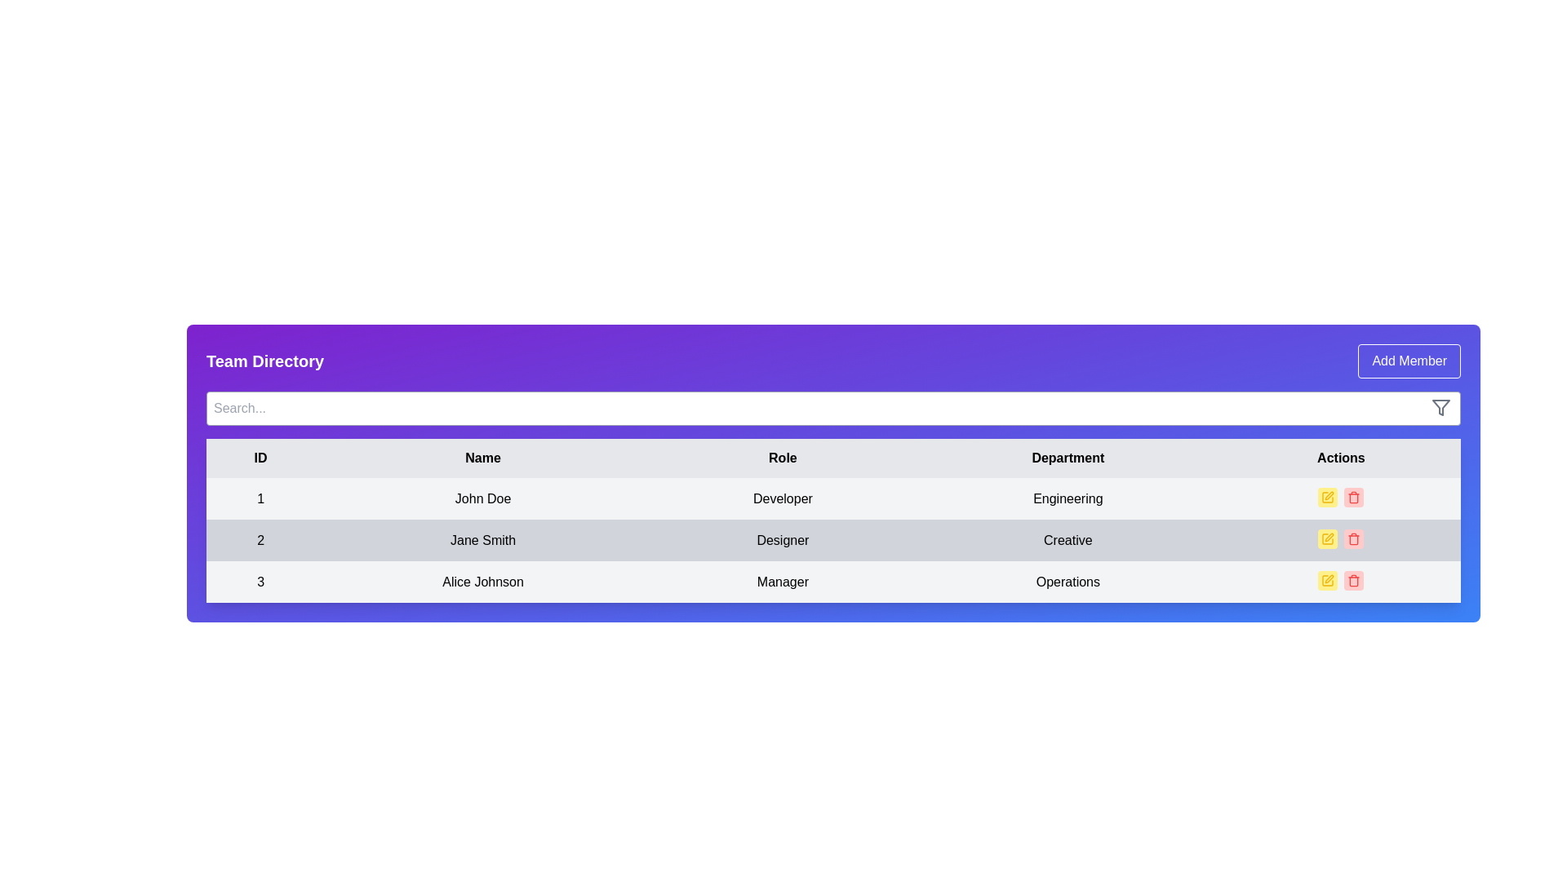 This screenshot has width=1567, height=881. What do you see at coordinates (1354, 580) in the screenshot?
I see `the delete button located in the third row of the table under the 'Actions' column, to the right of the yellow edit button, for keyboard navigation` at bounding box center [1354, 580].